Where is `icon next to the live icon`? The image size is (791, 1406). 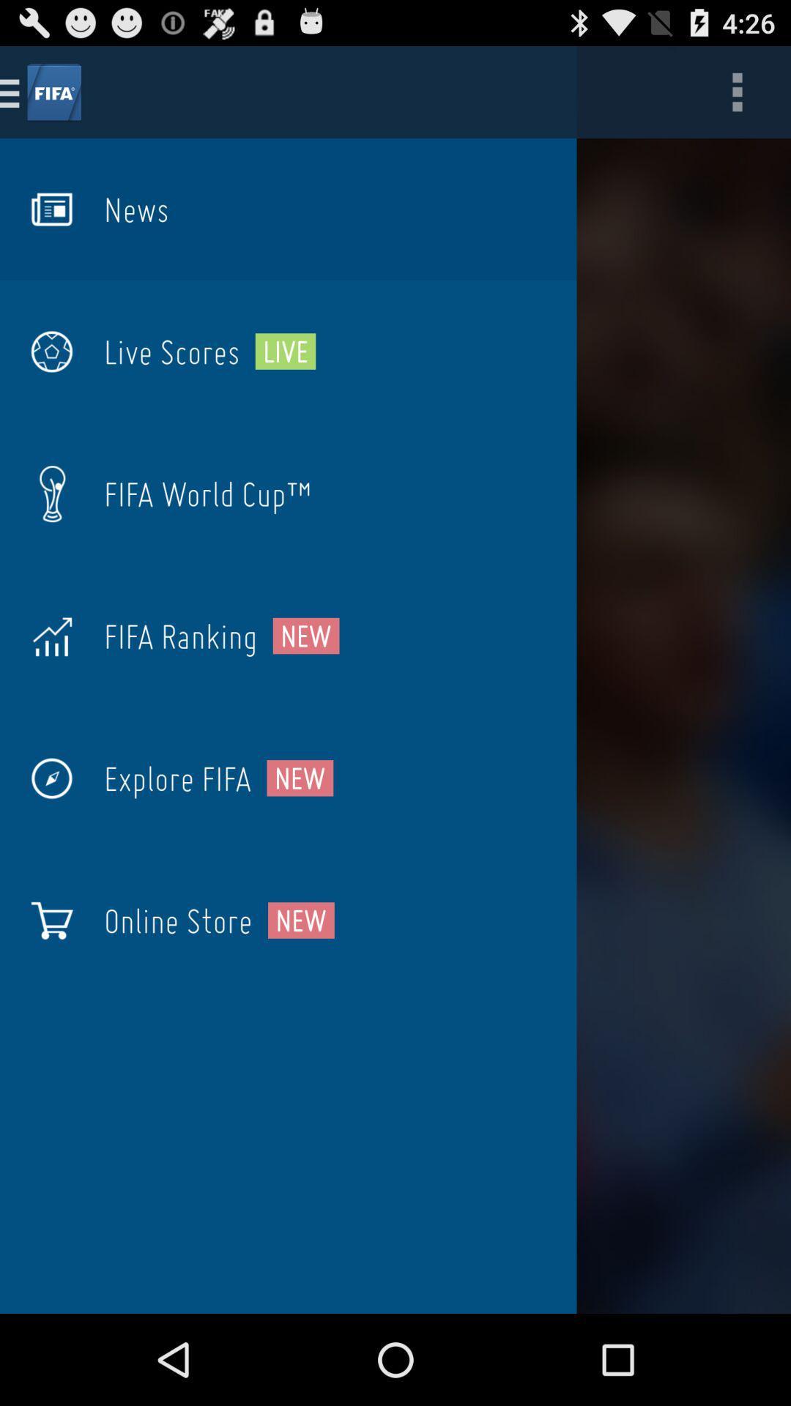
icon next to the live icon is located at coordinates (171, 351).